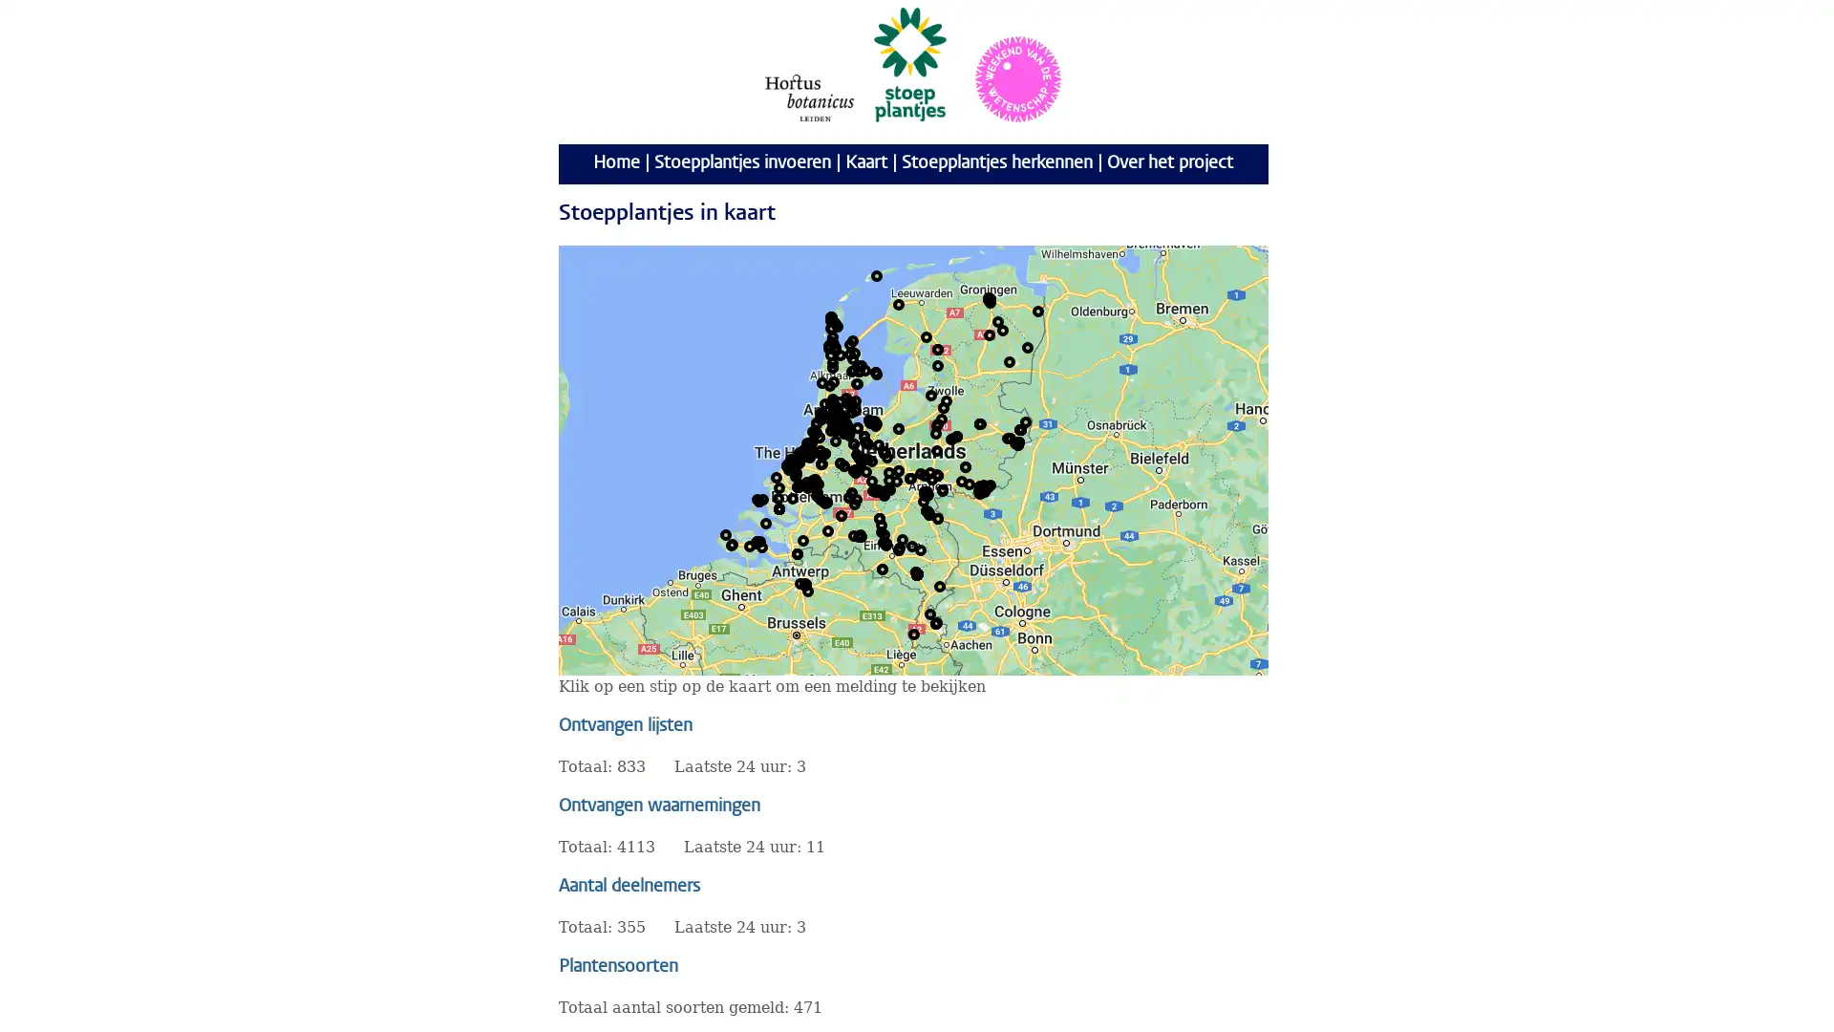 The height and width of the screenshot is (1032, 1834). Describe the element at coordinates (803, 453) in the screenshot. I see `Telling van Paul Keler op 04 oktober 2021` at that location.